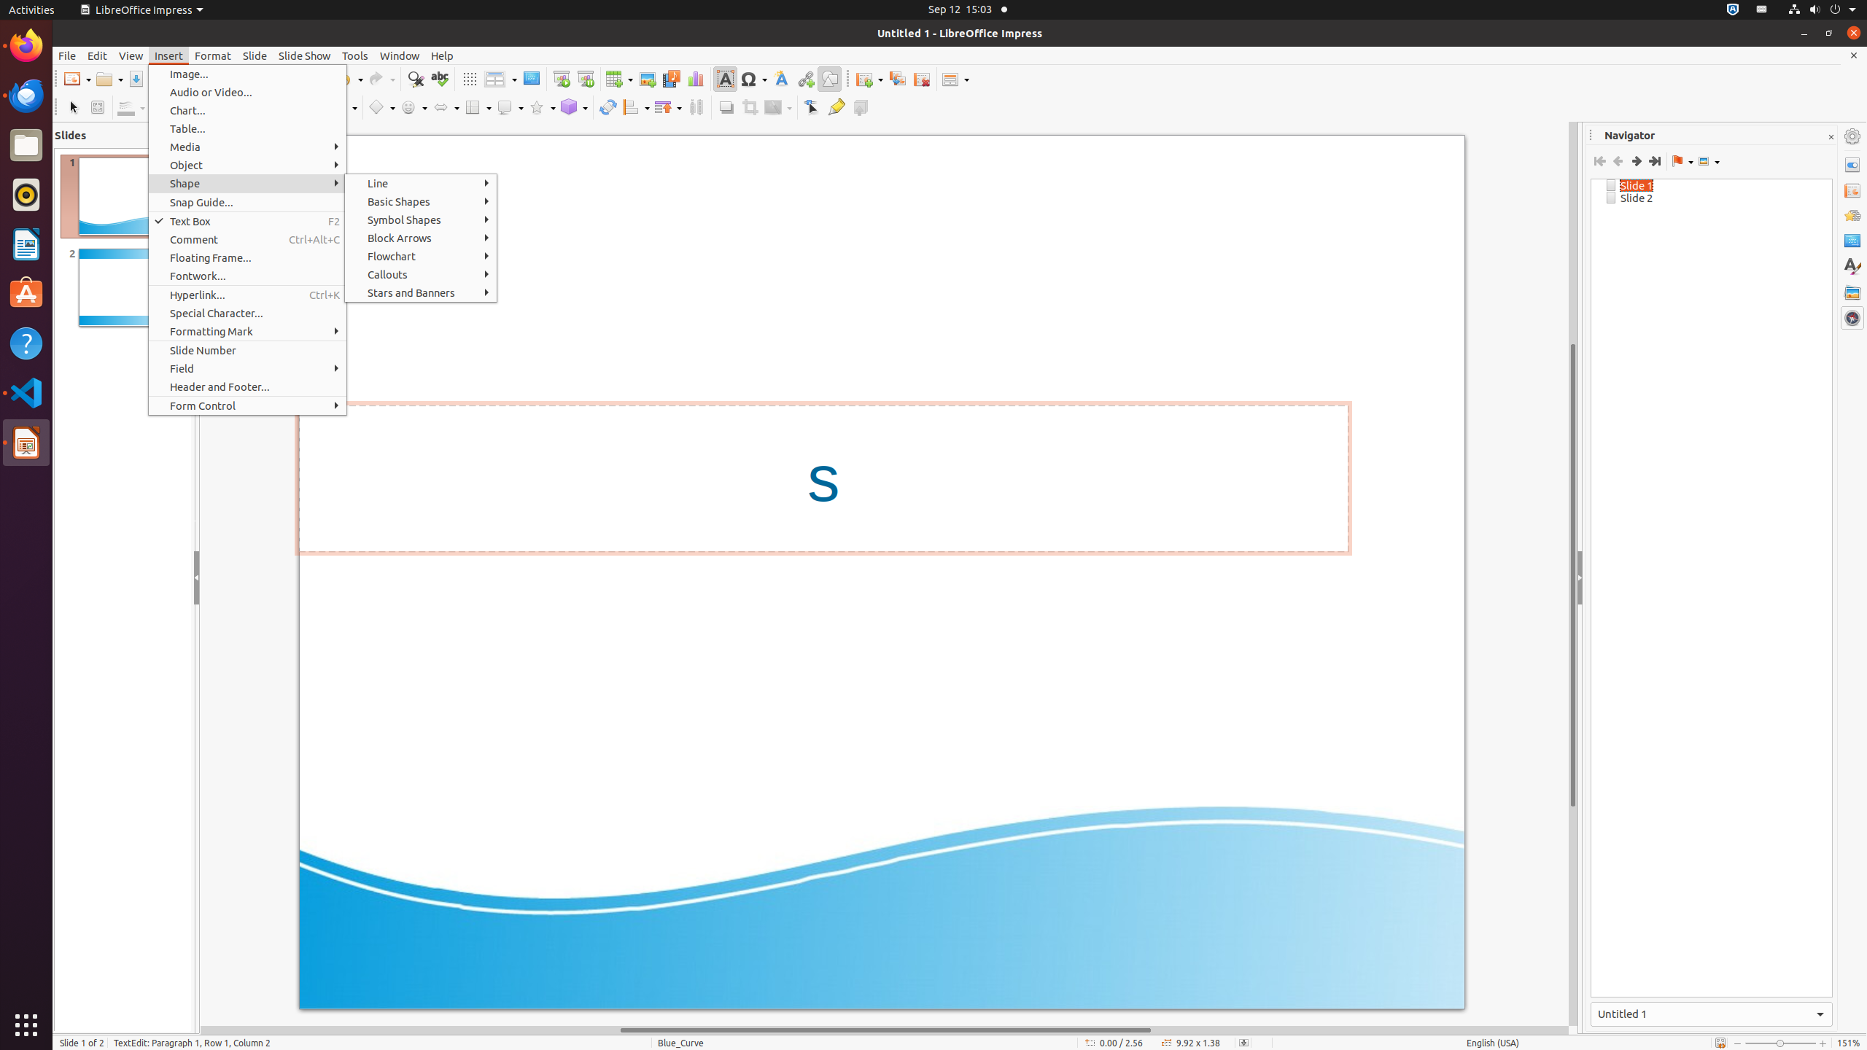 The height and width of the screenshot is (1050, 1867). What do you see at coordinates (131, 55) in the screenshot?
I see `'View'` at bounding box center [131, 55].